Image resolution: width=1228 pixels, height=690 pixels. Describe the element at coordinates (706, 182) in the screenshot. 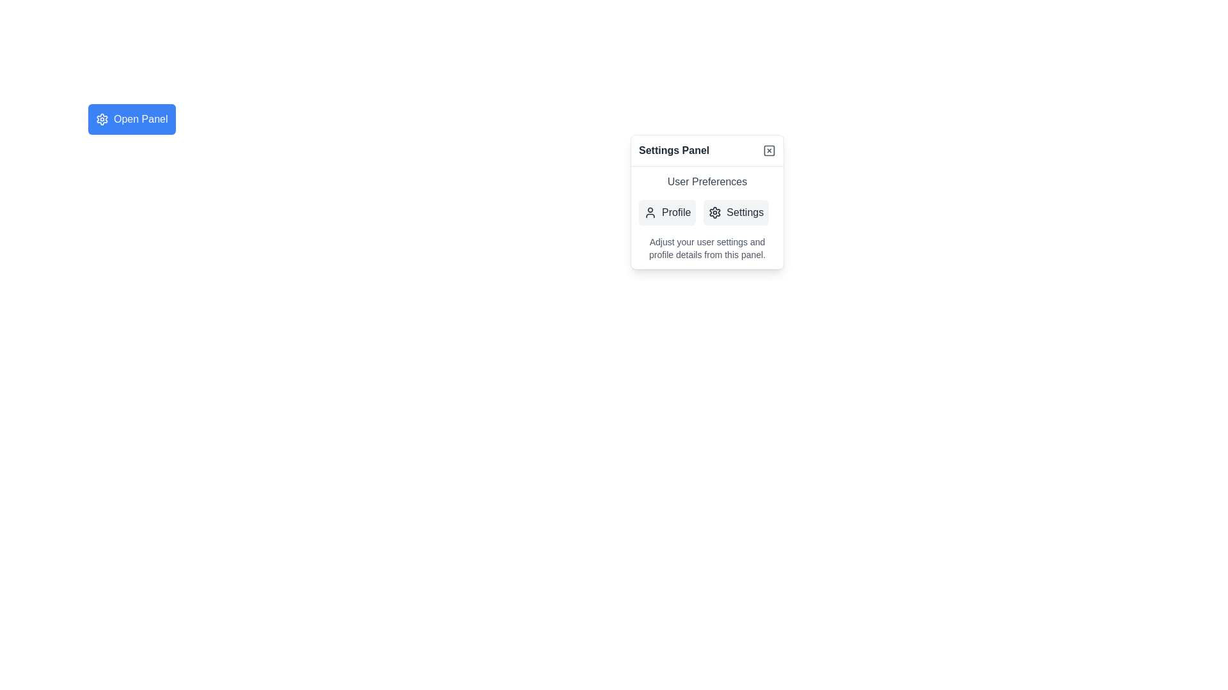

I see `the 'User Preferences' text label, which is styled in medium-weight gray font and located centrally in the 'Settings Panel' below the header and above the buttons` at that location.